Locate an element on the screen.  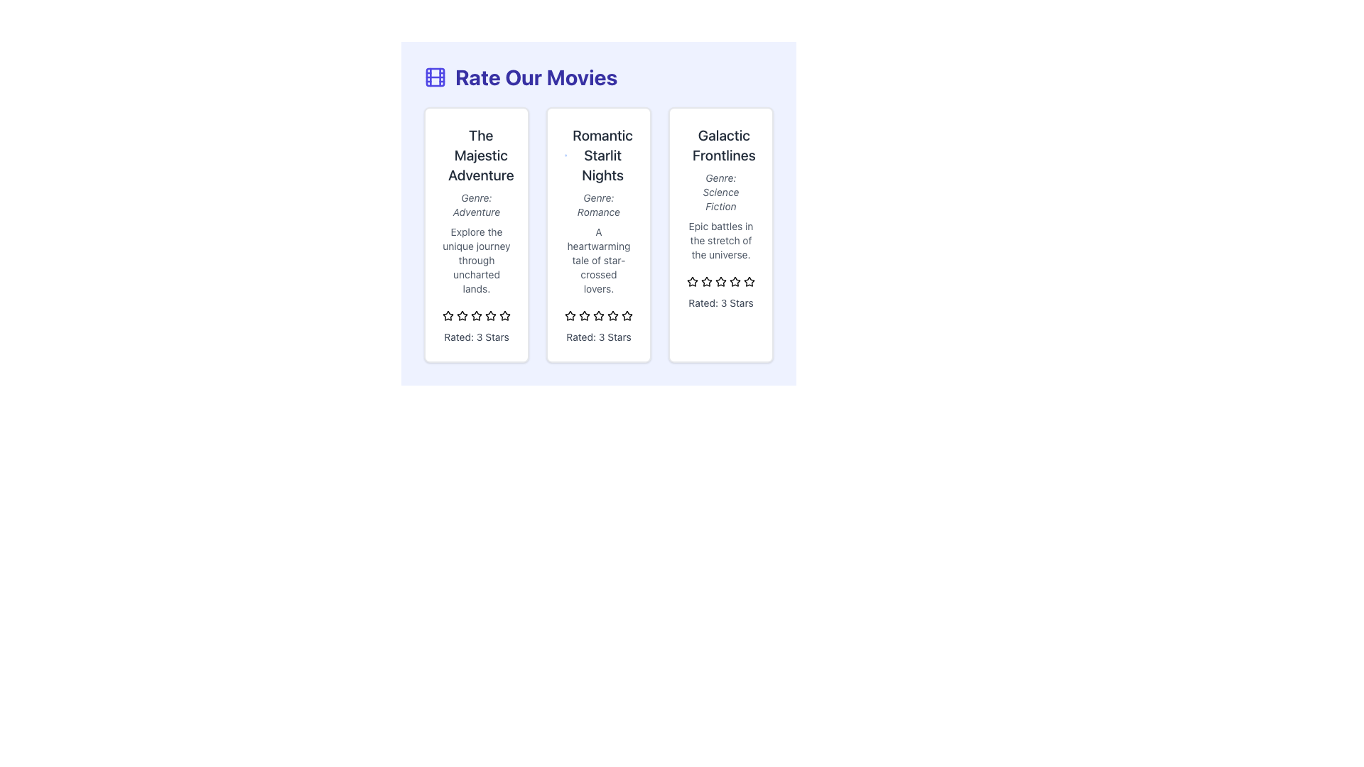
the third star is located at coordinates (706, 281).